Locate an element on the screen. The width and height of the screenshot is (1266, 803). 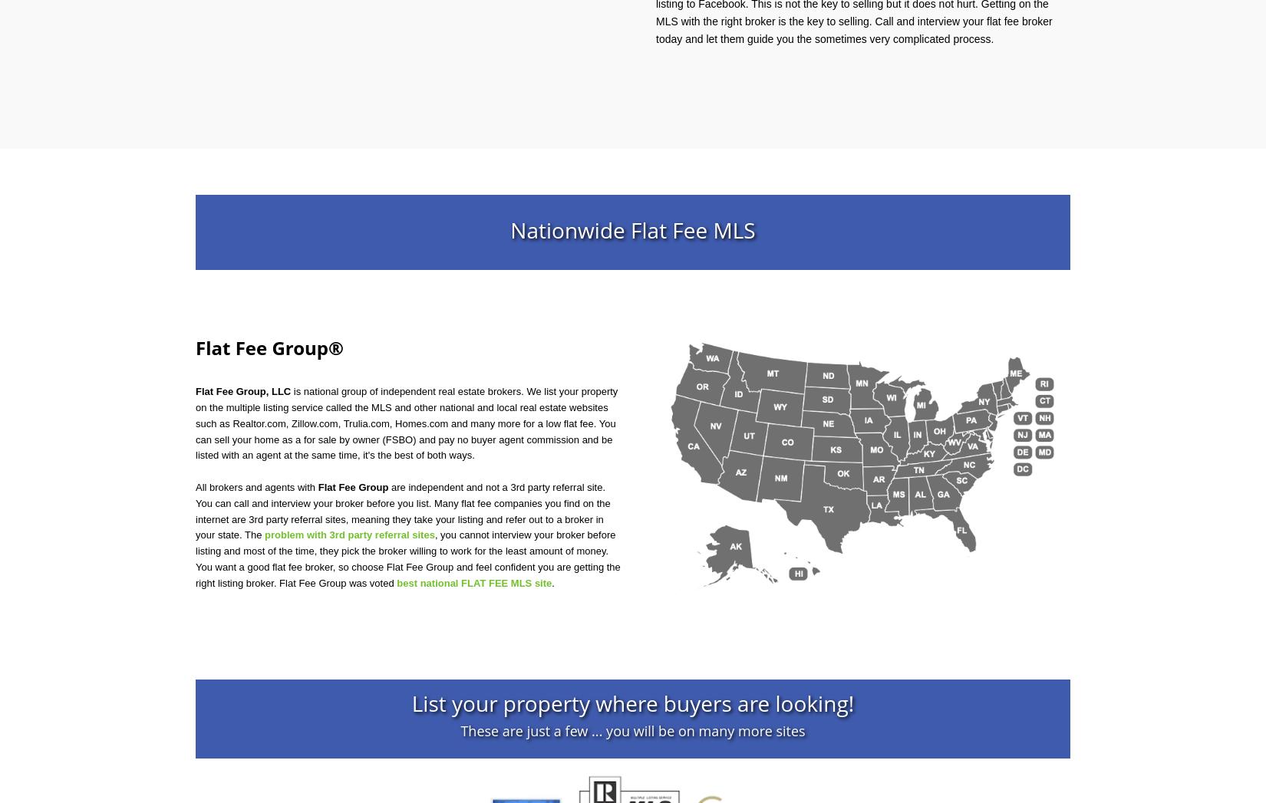
'Flat Fee Group®' is located at coordinates (269, 347).